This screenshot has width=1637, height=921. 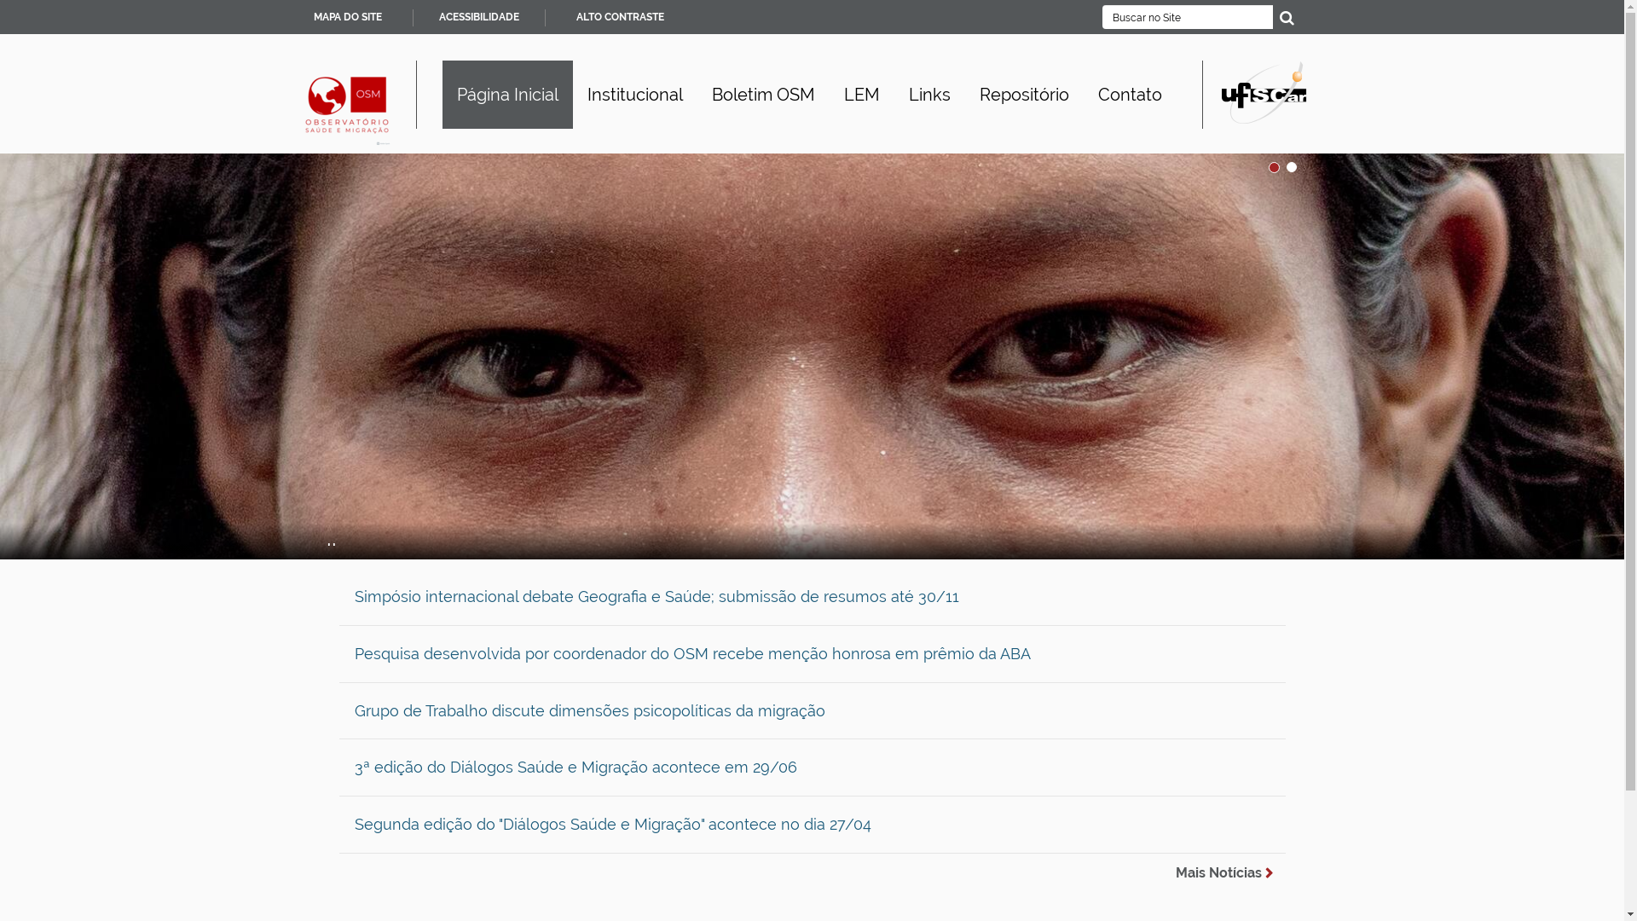 I want to click on 'LEM', so click(x=860, y=95).